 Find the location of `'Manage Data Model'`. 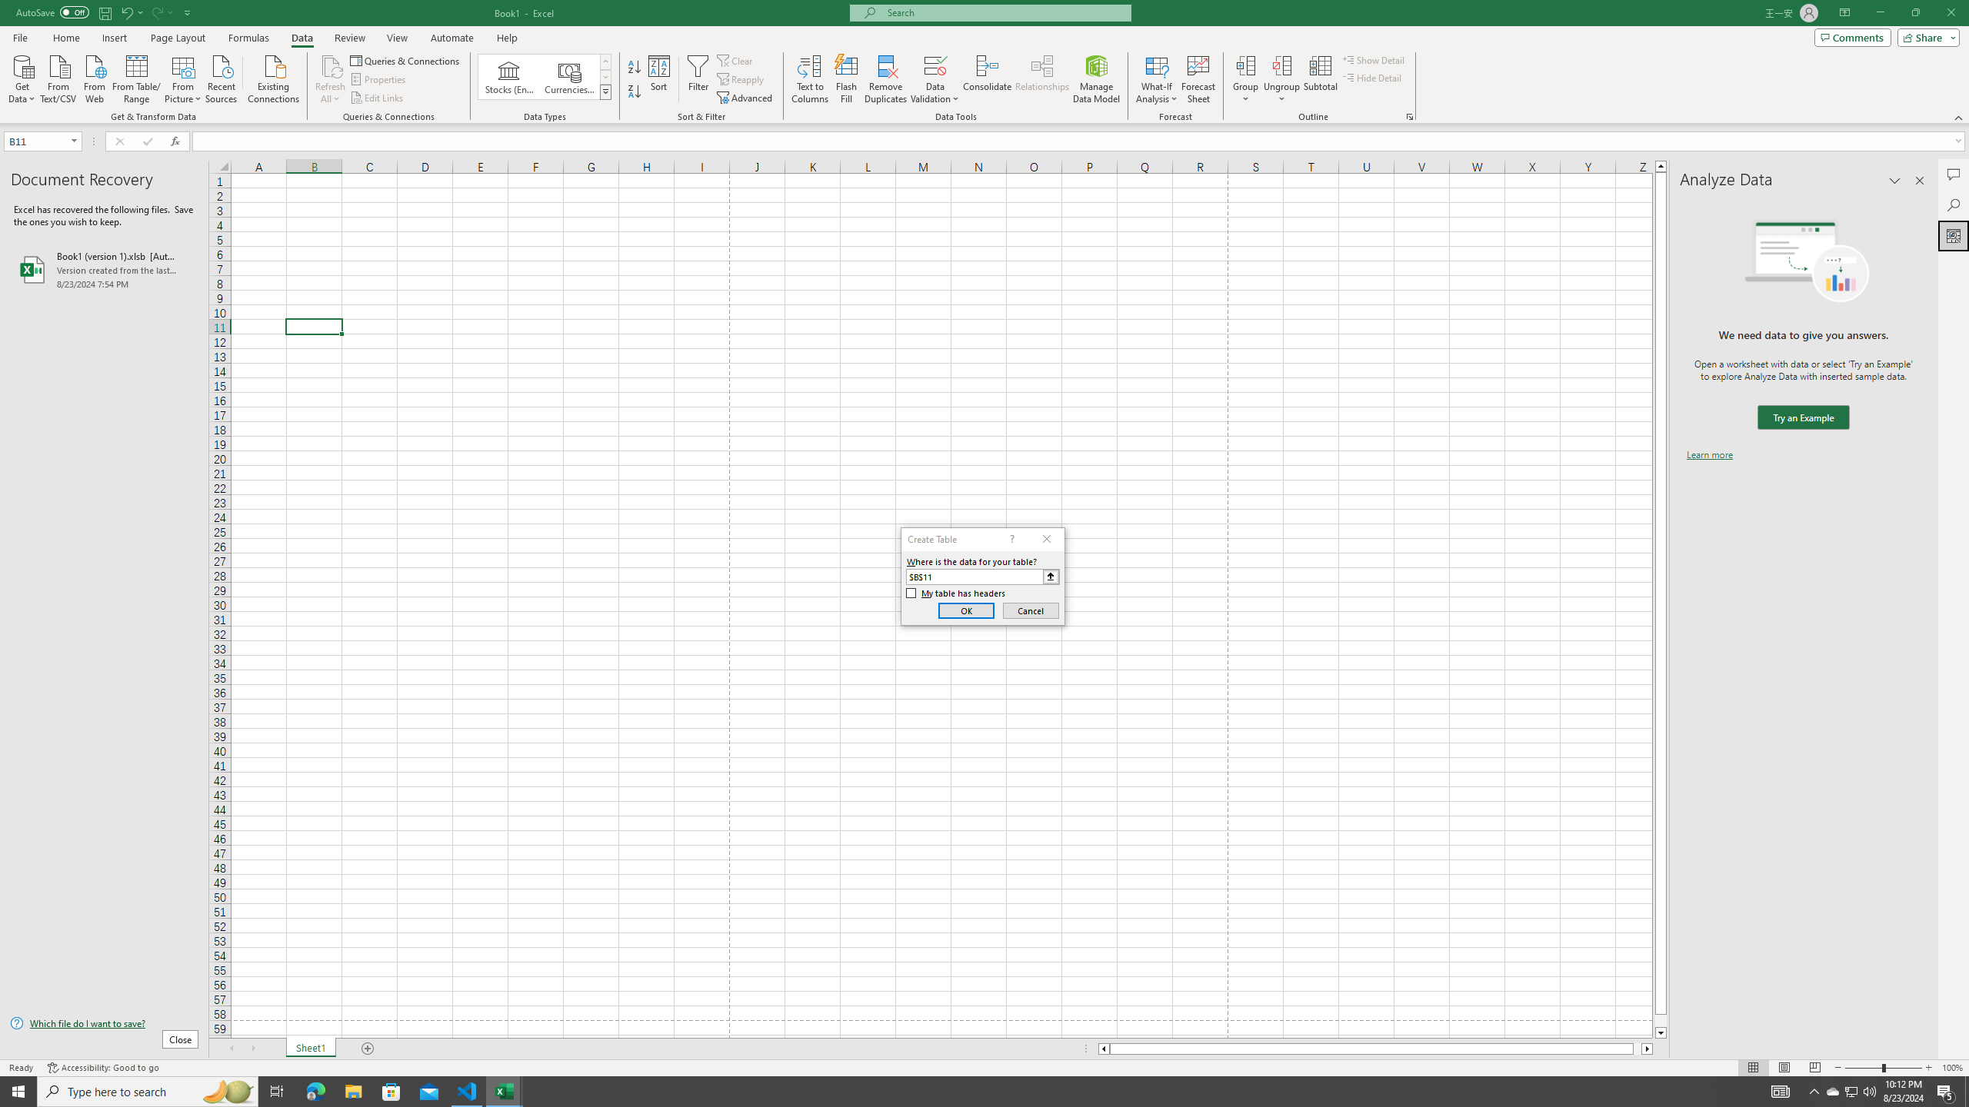

'Manage Data Model' is located at coordinates (1095, 79).